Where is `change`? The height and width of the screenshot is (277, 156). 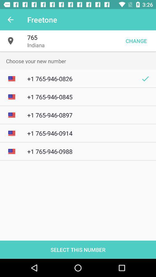
change is located at coordinates (136, 40).